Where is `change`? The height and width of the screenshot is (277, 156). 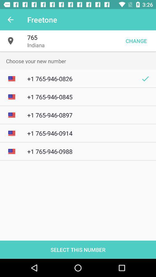
change is located at coordinates (136, 40).